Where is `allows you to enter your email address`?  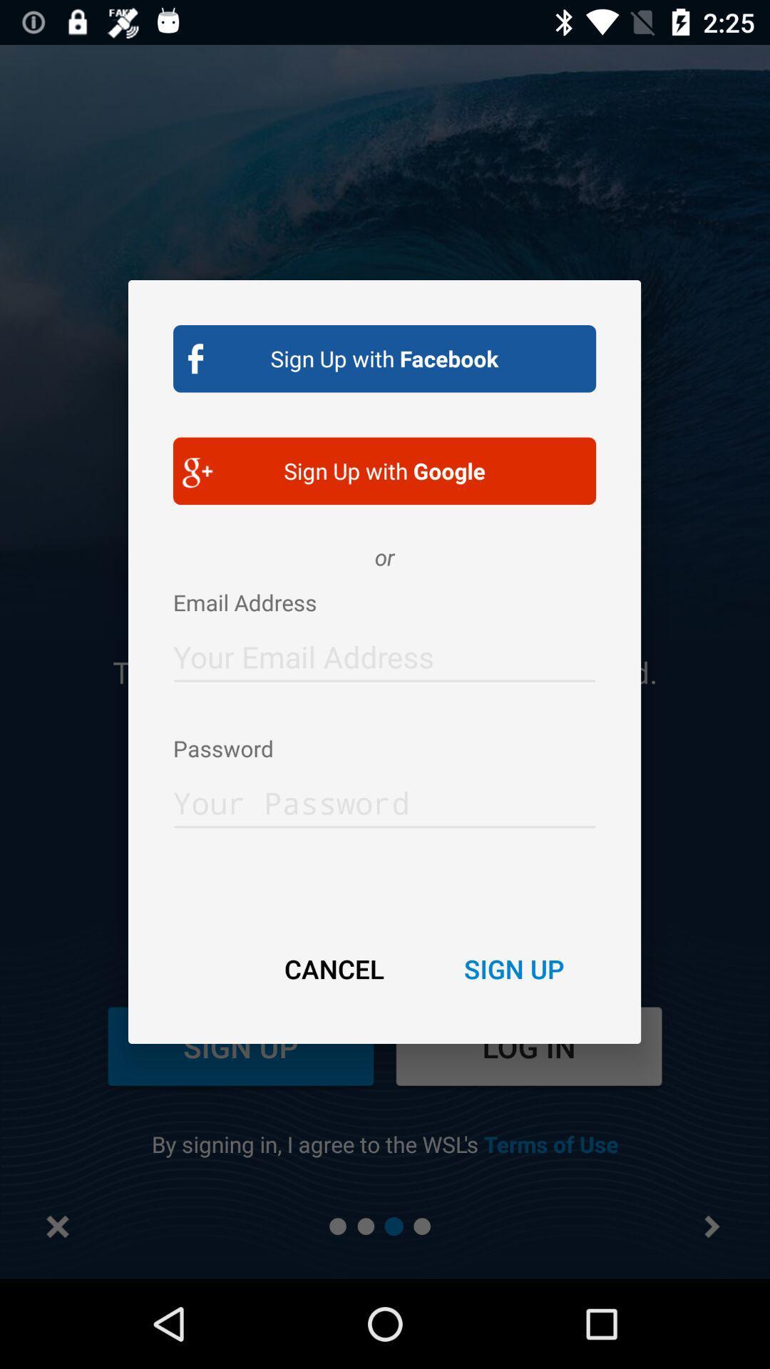 allows you to enter your email address is located at coordinates (384, 652).